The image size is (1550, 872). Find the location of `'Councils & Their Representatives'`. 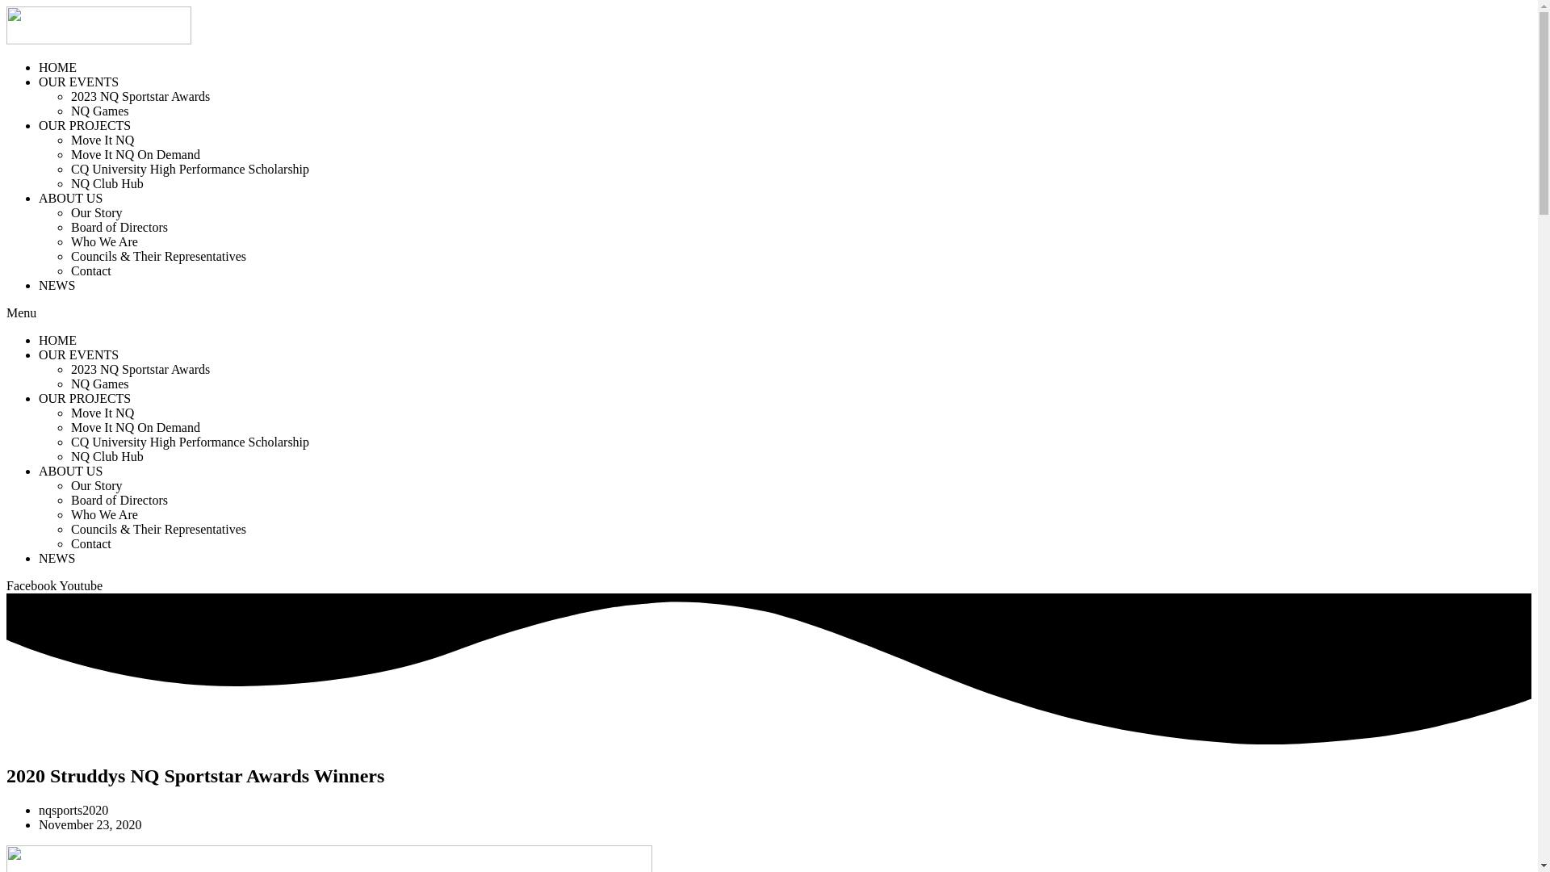

'Councils & Their Representatives' is located at coordinates (158, 255).